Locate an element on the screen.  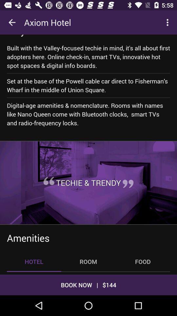
the icon to the left of the axiom hotel icon is located at coordinates (12, 22).